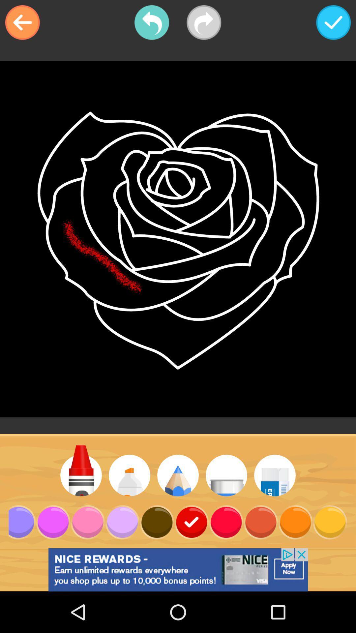  What do you see at coordinates (333, 22) in the screenshot?
I see `icon at the top right corner` at bounding box center [333, 22].